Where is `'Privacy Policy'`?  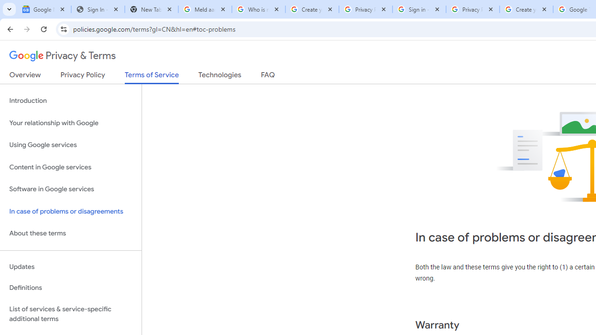 'Privacy Policy' is located at coordinates (82, 76).